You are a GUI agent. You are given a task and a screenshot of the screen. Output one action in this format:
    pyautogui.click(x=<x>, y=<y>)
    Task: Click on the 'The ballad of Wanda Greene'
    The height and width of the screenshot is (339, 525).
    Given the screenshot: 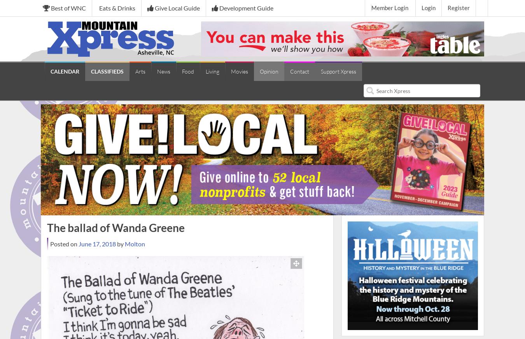 What is the action you would take?
    pyautogui.click(x=115, y=227)
    